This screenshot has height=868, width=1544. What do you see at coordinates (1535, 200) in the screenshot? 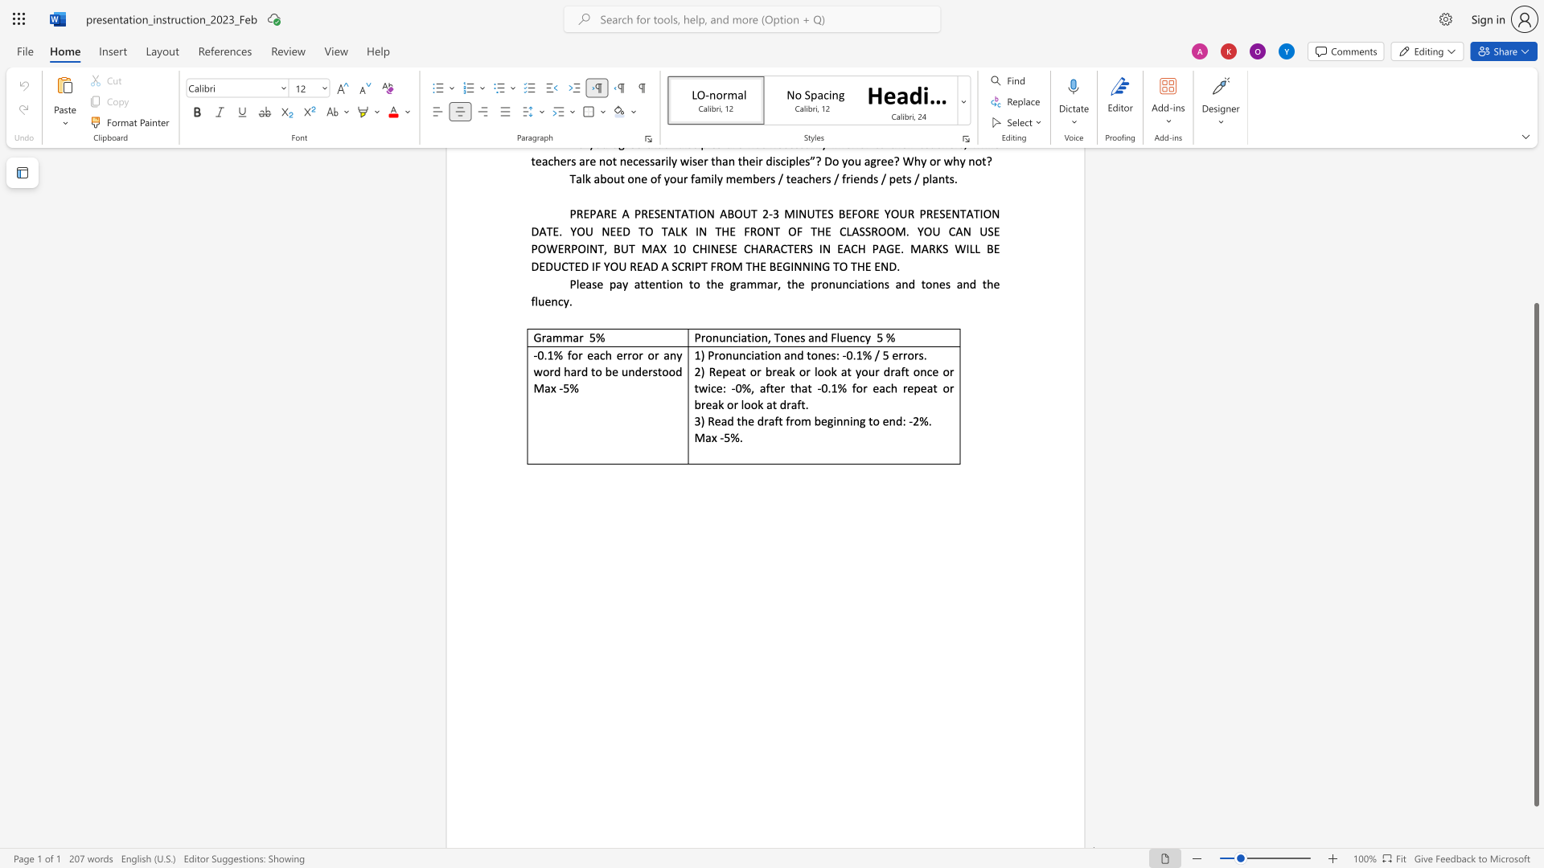
I see `the scrollbar to adjust the page upward` at bounding box center [1535, 200].